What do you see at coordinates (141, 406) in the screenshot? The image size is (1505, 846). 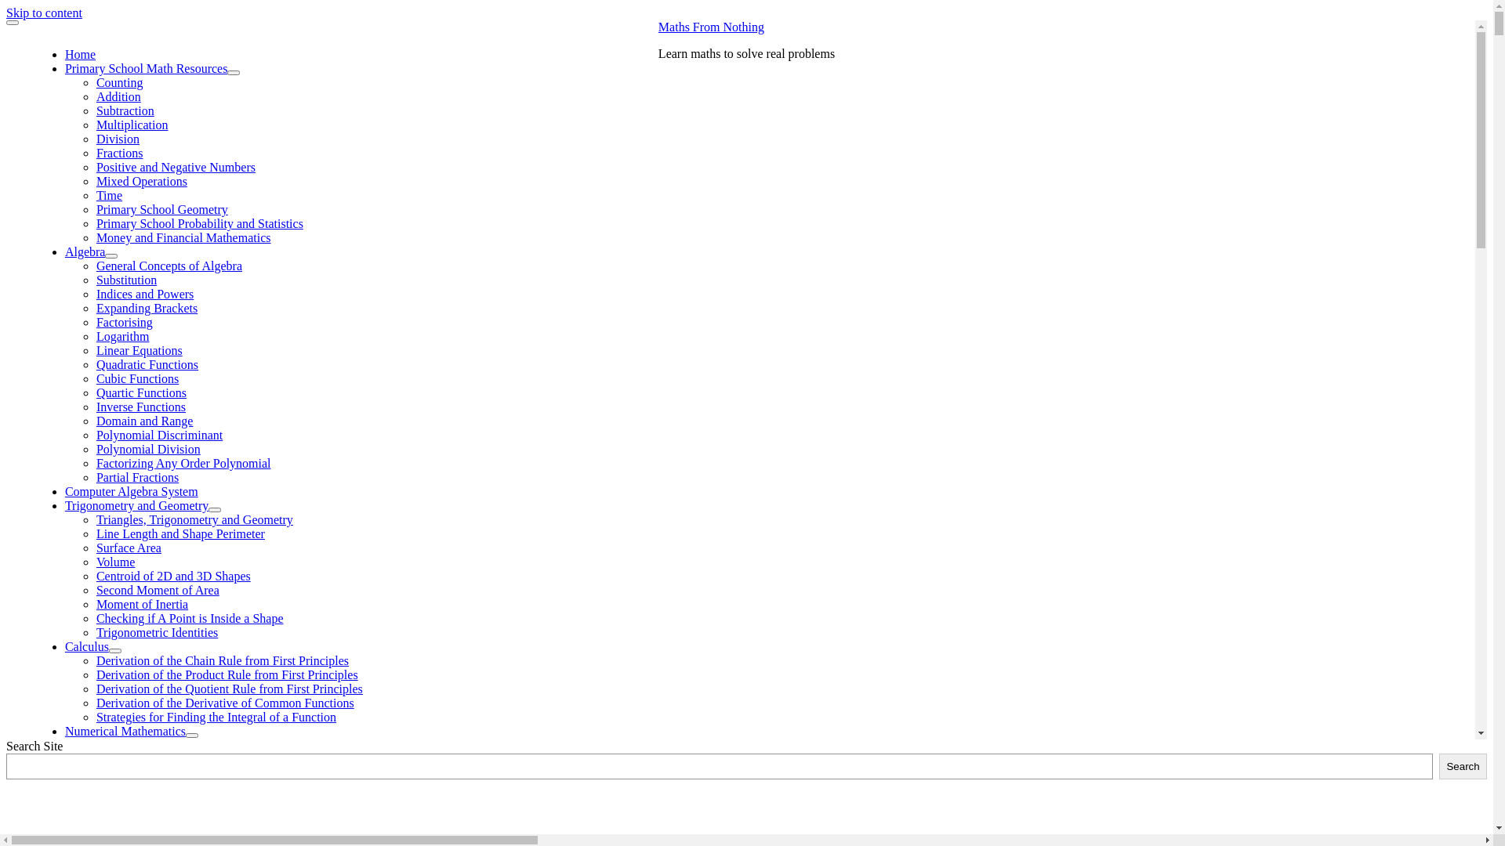 I see `'Inverse Functions'` at bounding box center [141, 406].